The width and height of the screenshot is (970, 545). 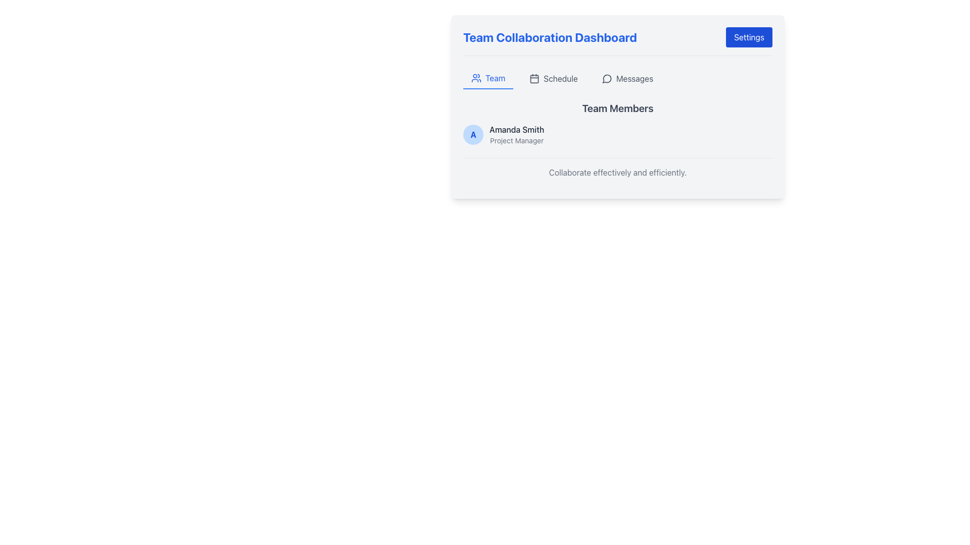 I want to click on the rectangular 'Settings' button with a blue background and white text located at the top-right corner of the interface, so click(x=749, y=36).